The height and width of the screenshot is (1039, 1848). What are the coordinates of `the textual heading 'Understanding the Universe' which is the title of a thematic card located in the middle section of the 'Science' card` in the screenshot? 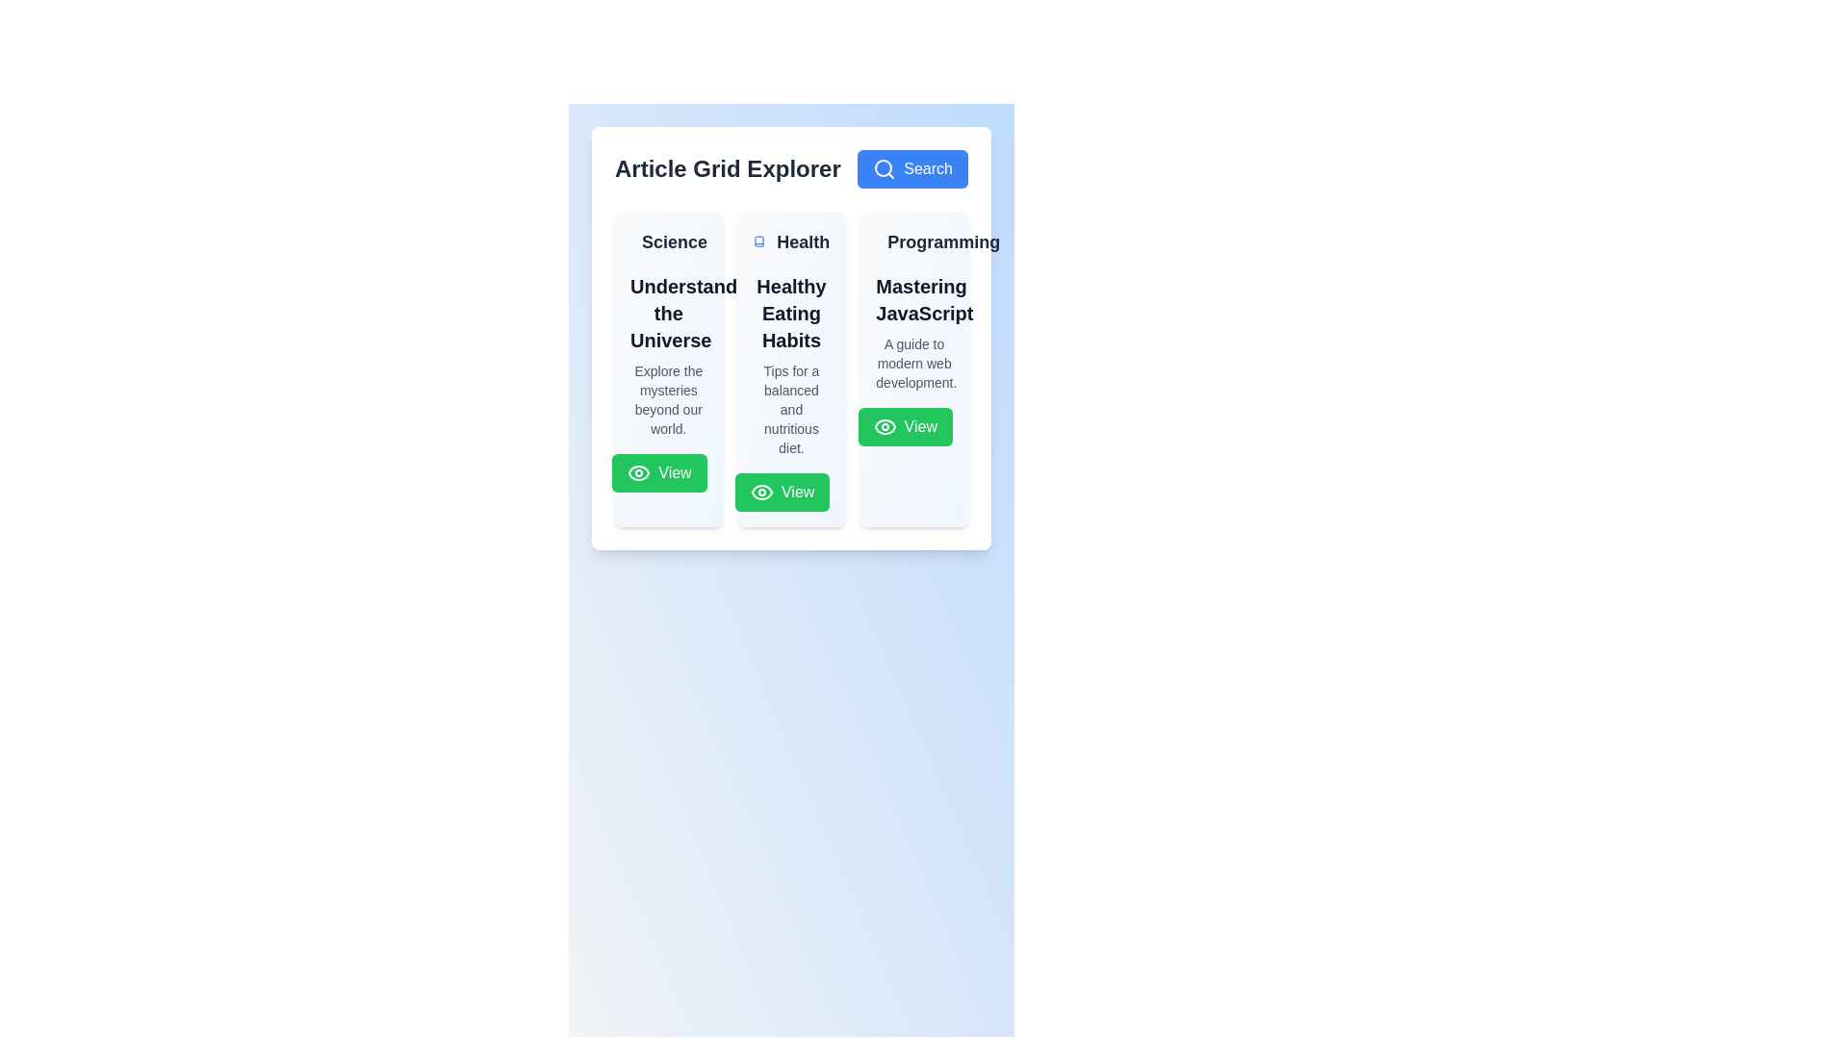 It's located at (668, 313).